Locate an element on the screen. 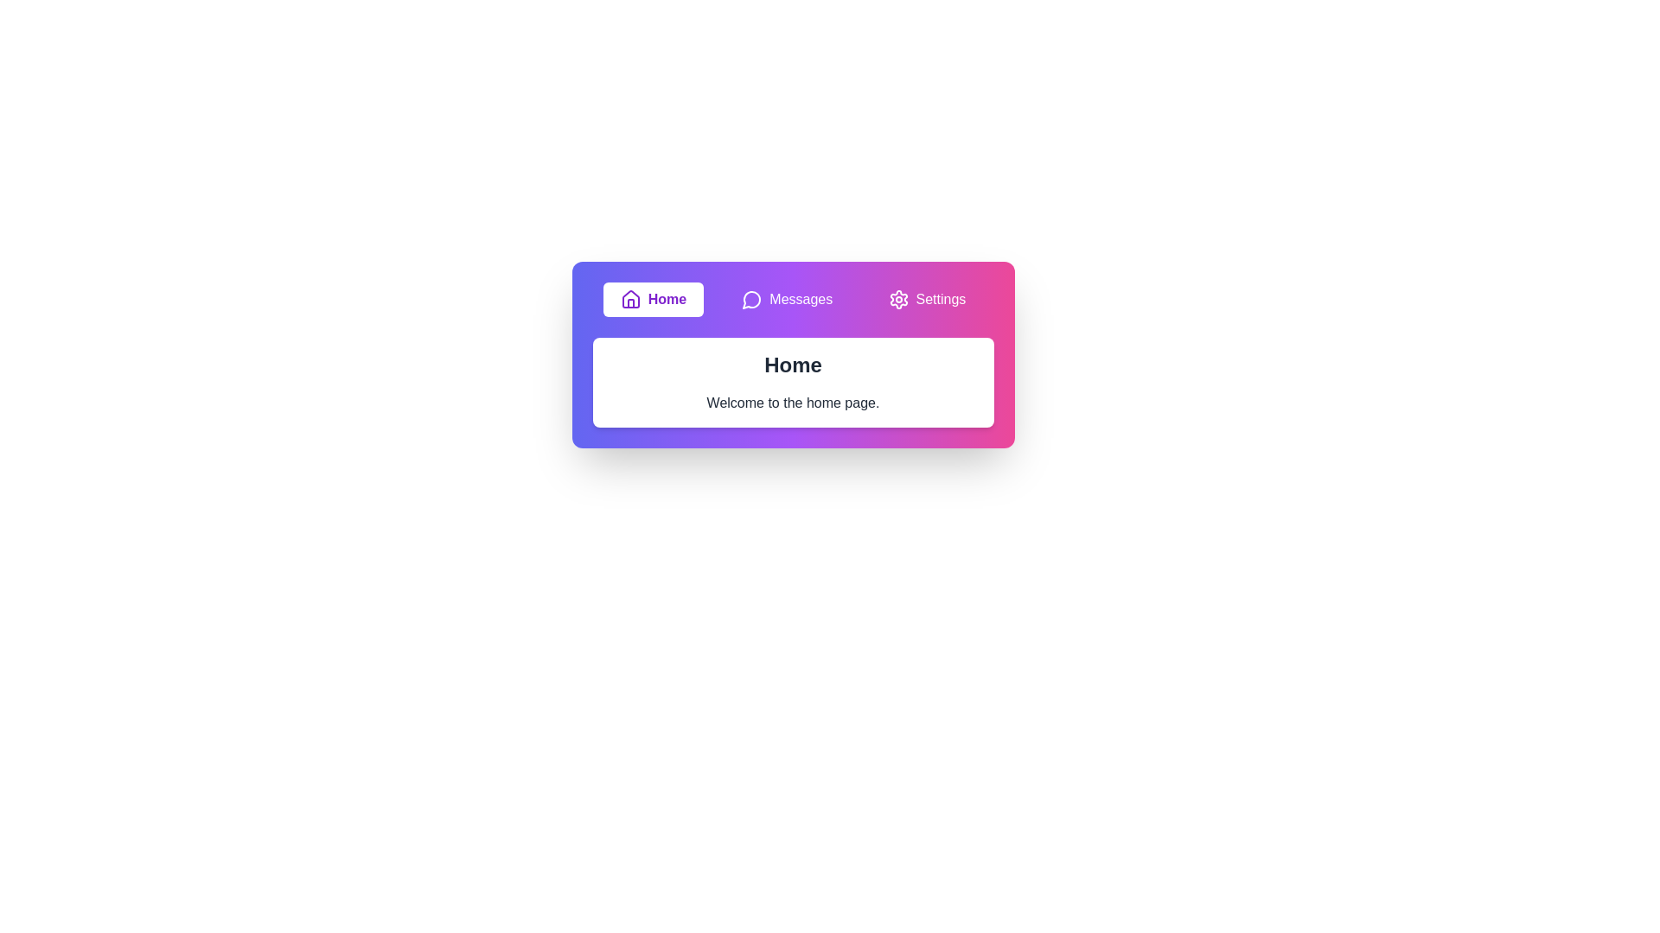 Image resolution: width=1660 pixels, height=933 pixels. the 'Settings' button located on the far right of the navigation bar is located at coordinates (926, 299).